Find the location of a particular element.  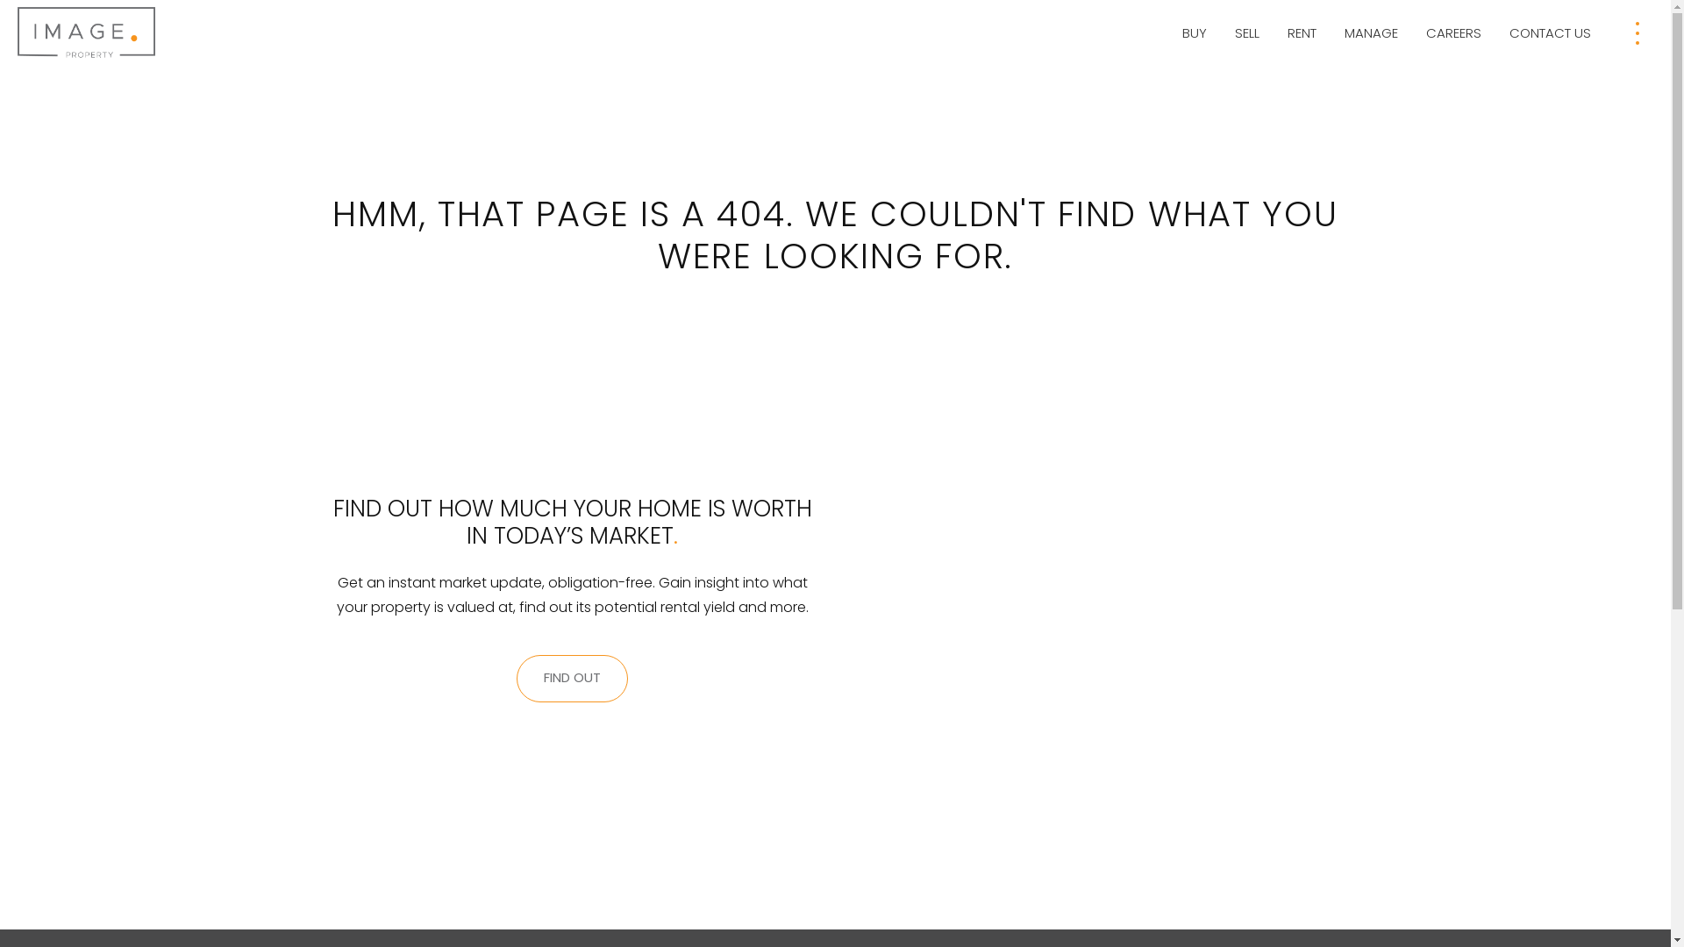

'SELL' is located at coordinates (1245, 33).